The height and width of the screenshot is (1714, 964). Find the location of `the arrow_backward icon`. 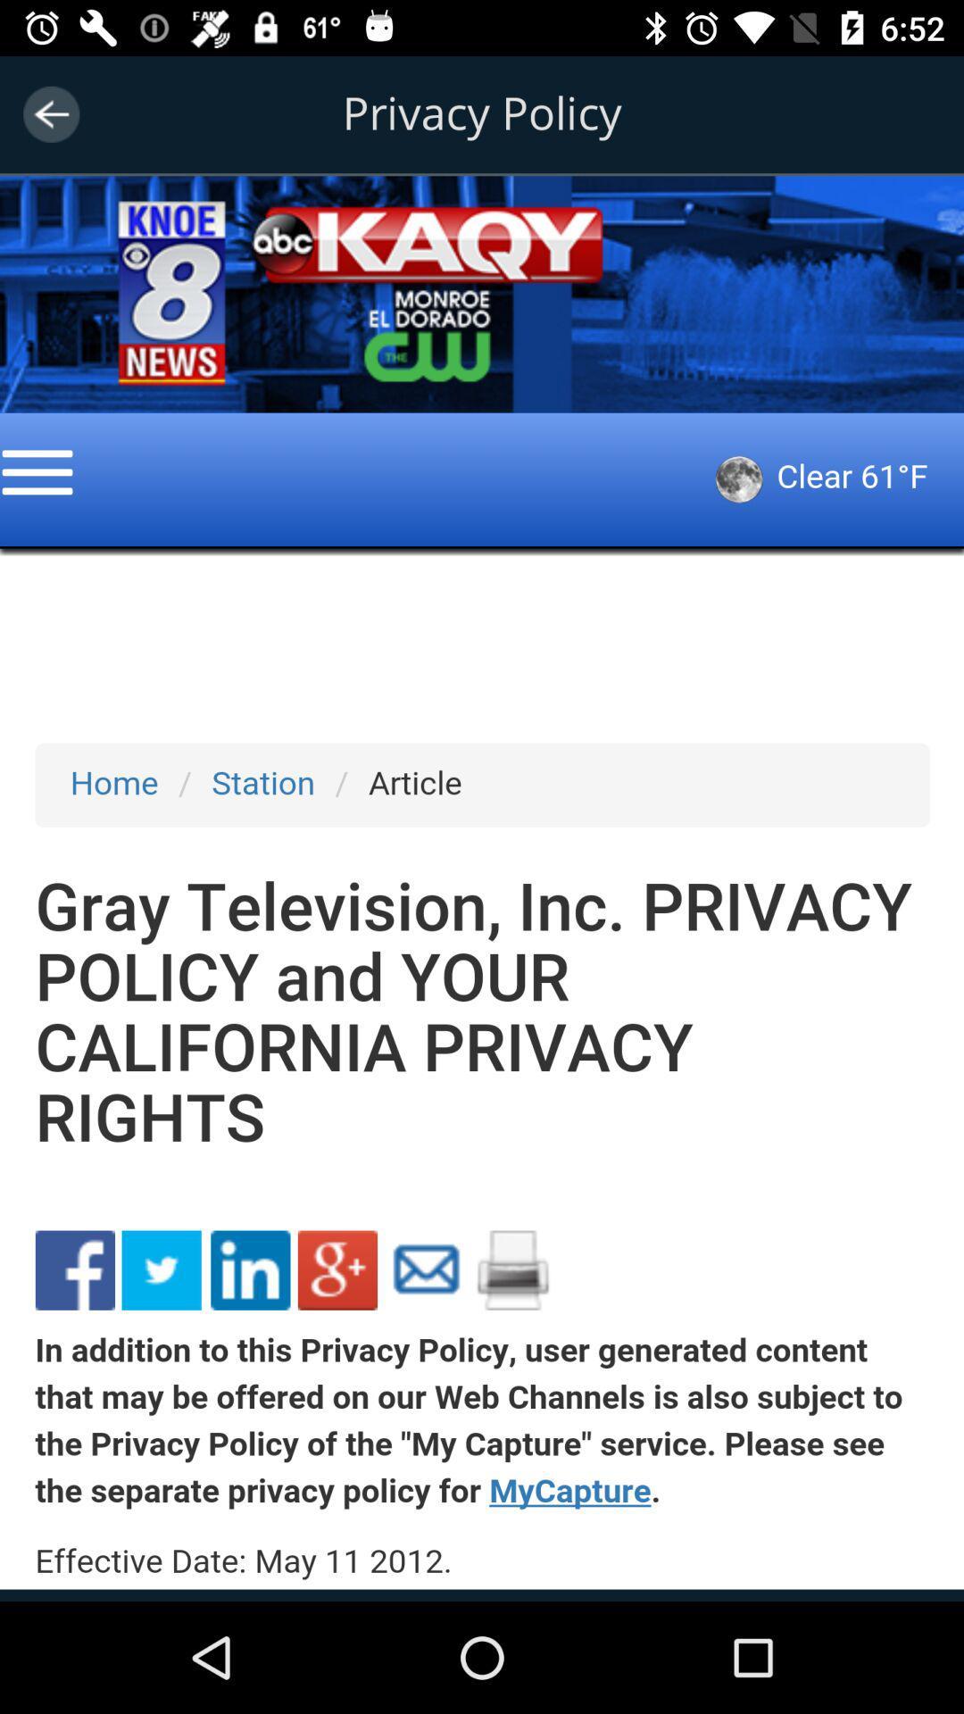

the arrow_backward icon is located at coordinates (50, 113).